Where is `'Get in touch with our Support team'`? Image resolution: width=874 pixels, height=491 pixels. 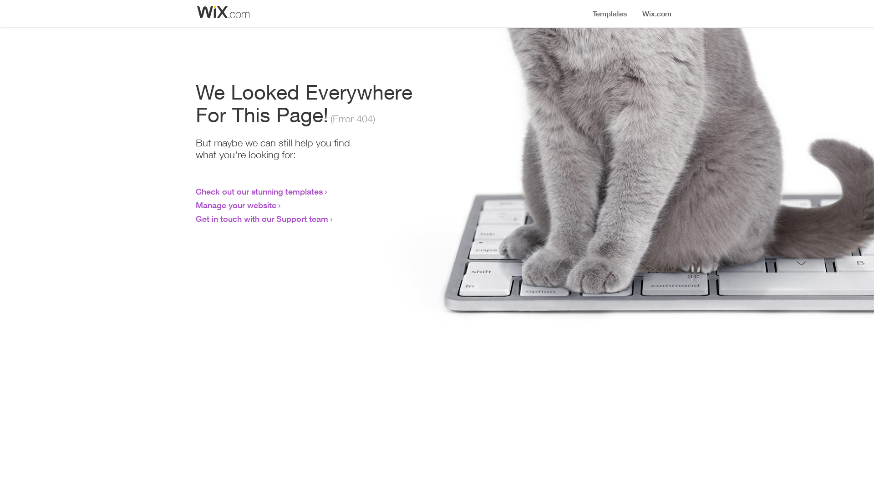
'Get in touch with our Support team' is located at coordinates (195, 219).